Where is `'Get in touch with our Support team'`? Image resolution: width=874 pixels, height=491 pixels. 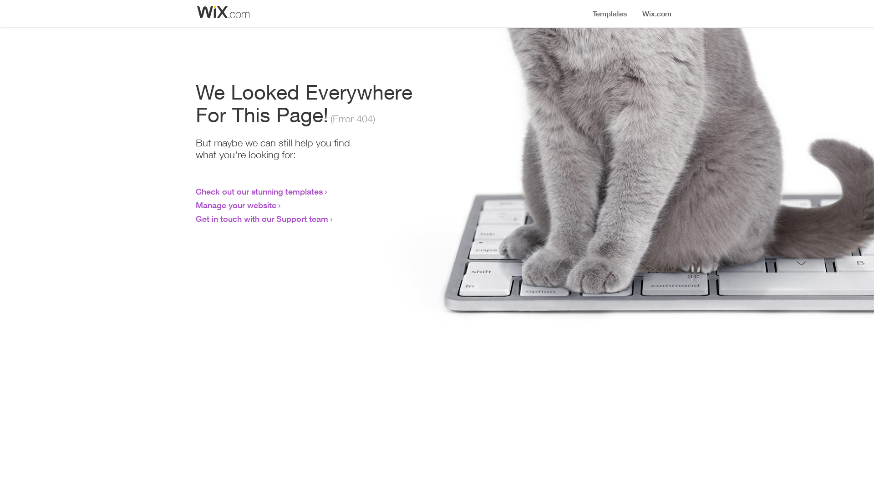
'Get in touch with our Support team' is located at coordinates (195, 219).